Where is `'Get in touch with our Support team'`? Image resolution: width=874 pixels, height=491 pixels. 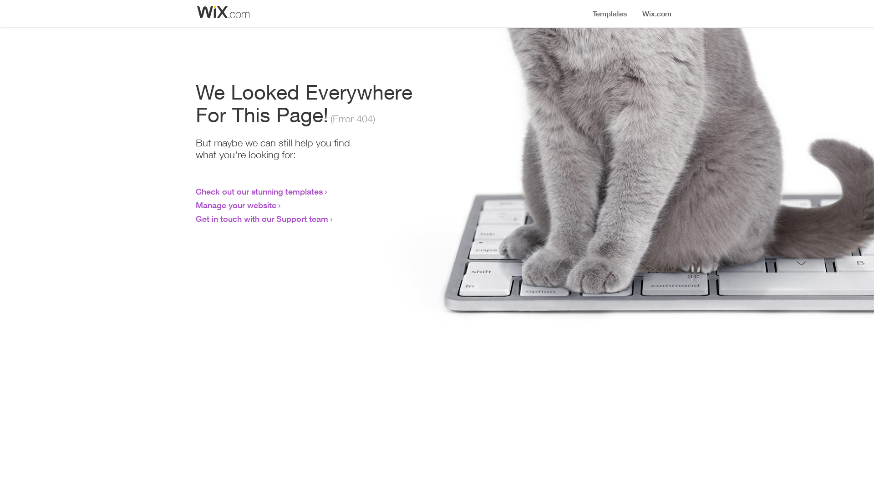
'Get in touch with our Support team' is located at coordinates (195, 219).